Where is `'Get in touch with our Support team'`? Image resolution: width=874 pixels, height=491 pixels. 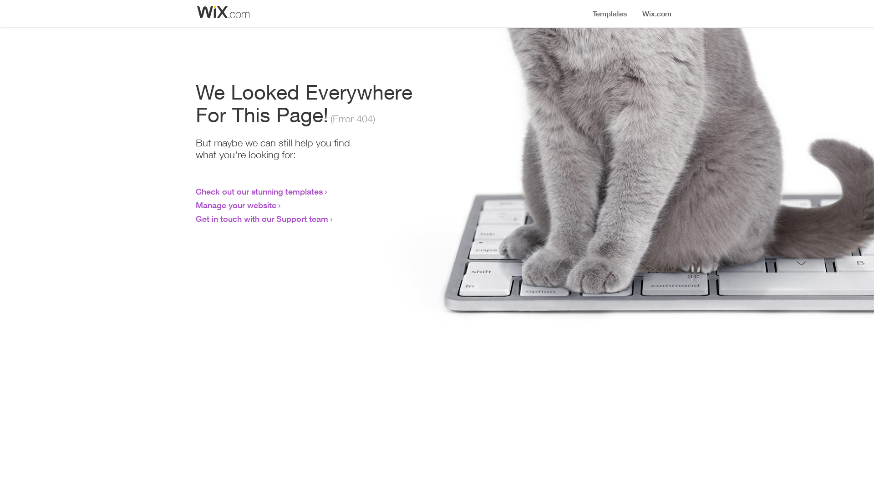
'Get in touch with our Support team' is located at coordinates (195, 219).